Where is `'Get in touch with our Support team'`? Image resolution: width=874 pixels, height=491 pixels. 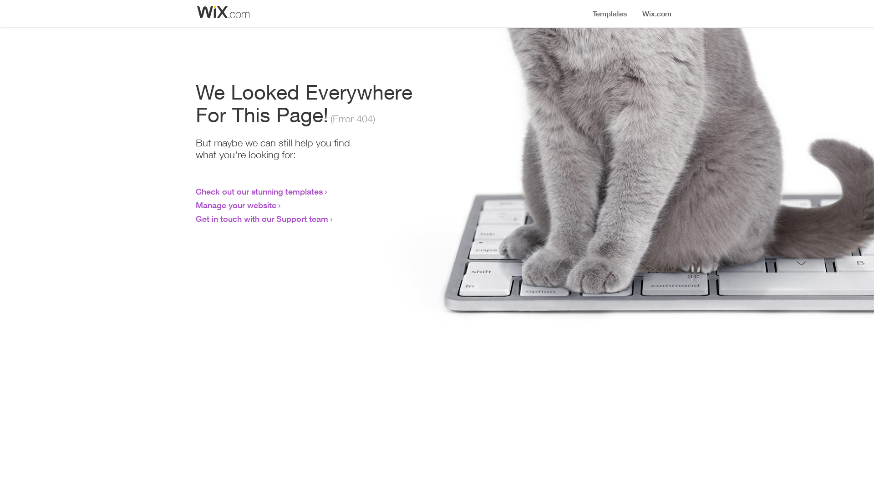
'Get in touch with our Support team' is located at coordinates (195, 219).